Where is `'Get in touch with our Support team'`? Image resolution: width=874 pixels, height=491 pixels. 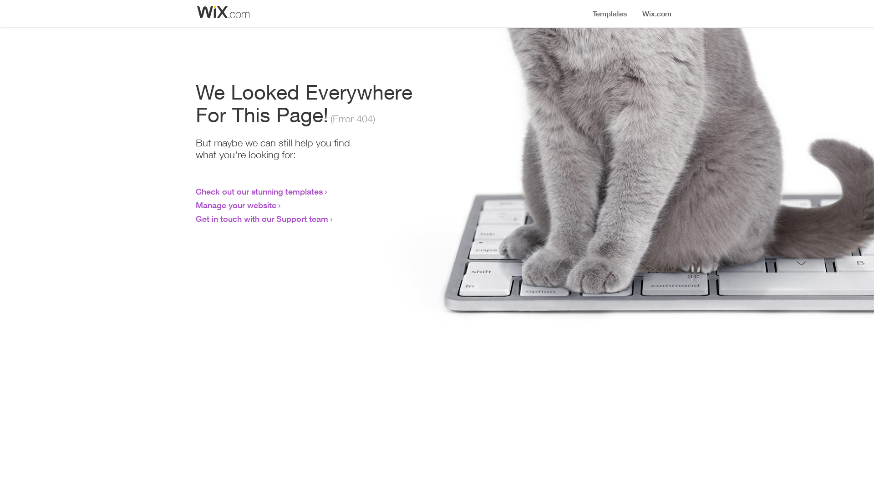
'Get in touch with our Support team' is located at coordinates (195, 219).